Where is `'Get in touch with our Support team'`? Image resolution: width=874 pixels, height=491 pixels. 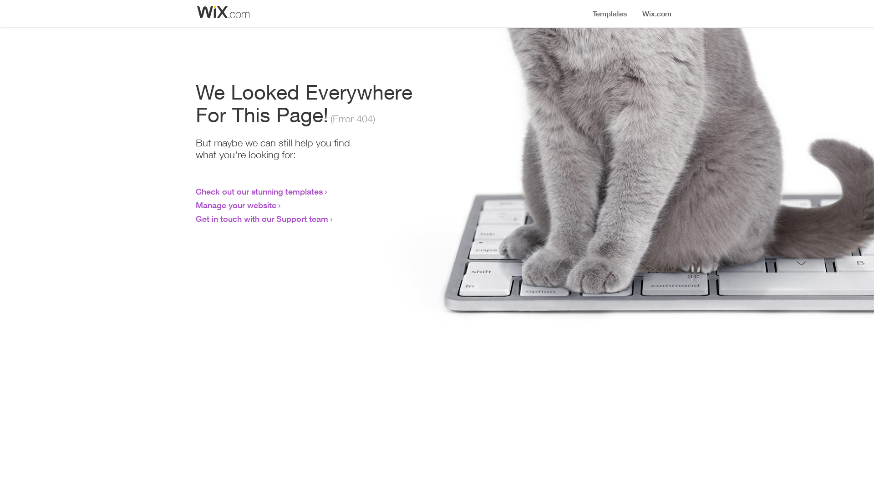
'Get in touch with our Support team' is located at coordinates (195, 219).